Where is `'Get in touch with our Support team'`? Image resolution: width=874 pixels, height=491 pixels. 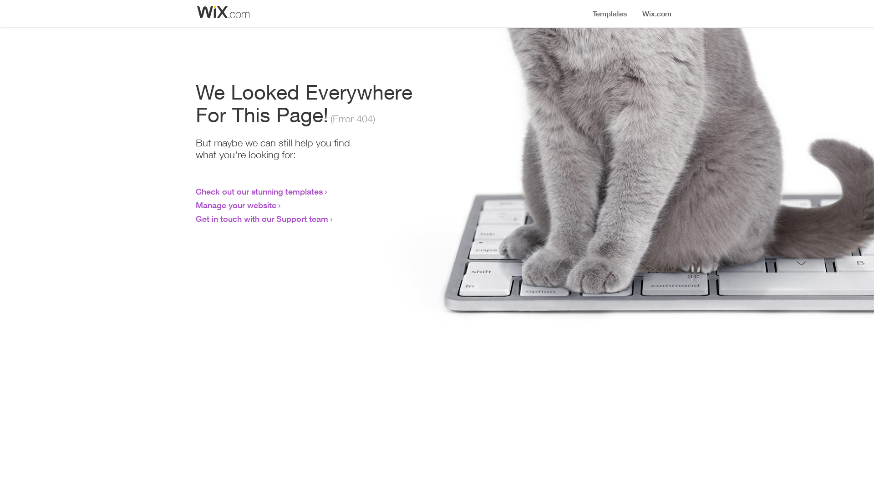
'Get in touch with our Support team' is located at coordinates (195, 219).